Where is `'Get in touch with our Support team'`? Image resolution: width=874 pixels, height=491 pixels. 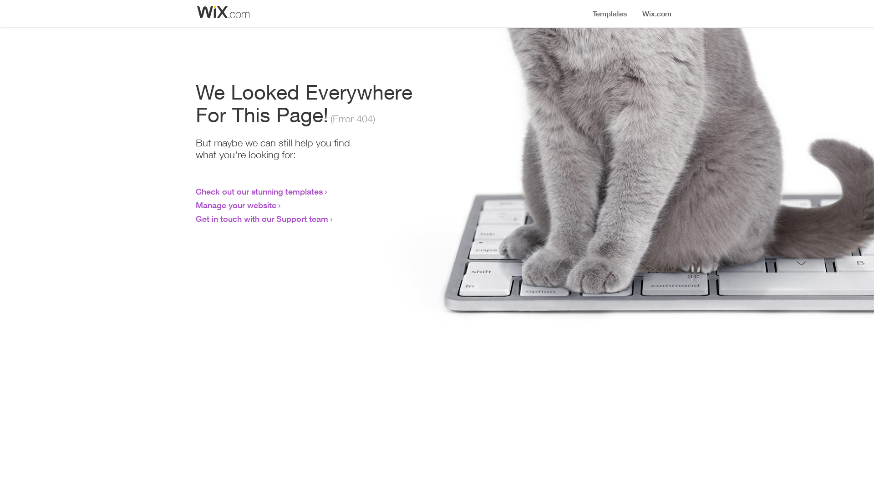
'Get in touch with our Support team' is located at coordinates (195, 219).